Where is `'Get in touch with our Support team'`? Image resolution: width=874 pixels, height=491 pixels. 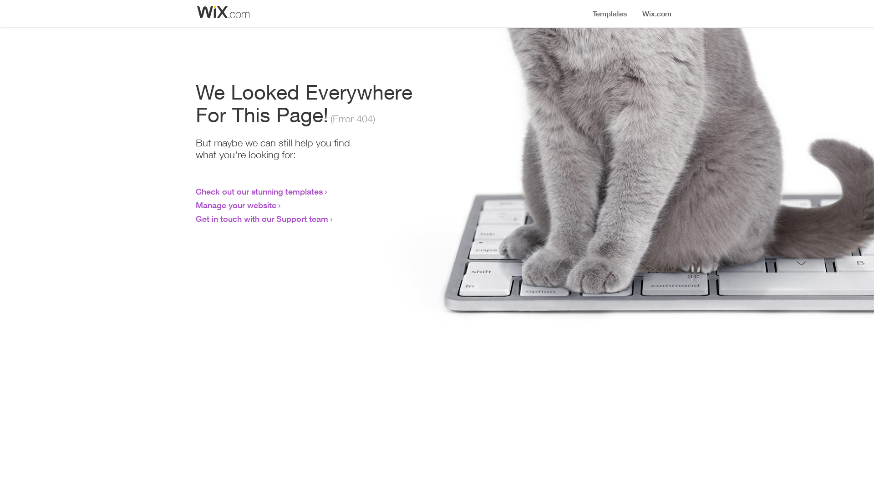
'Get in touch with our Support team' is located at coordinates (195, 219).